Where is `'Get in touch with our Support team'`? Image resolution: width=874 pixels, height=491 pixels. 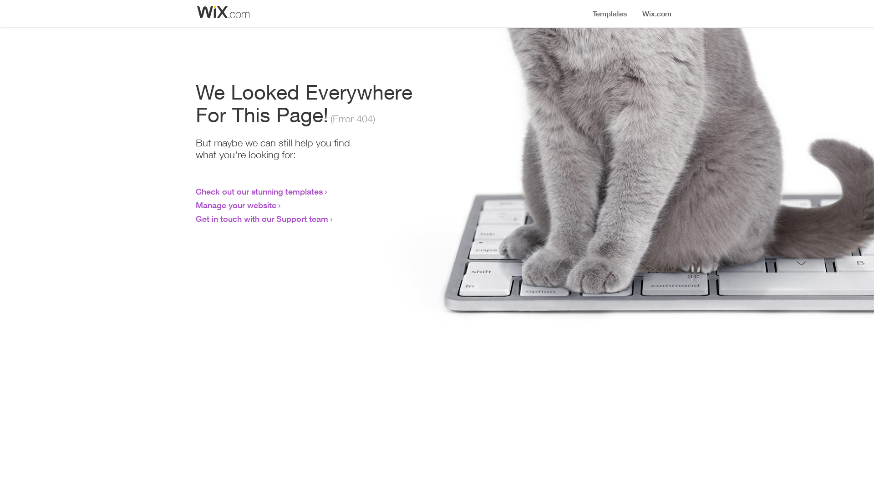
'Get in touch with our Support team' is located at coordinates (195, 219).